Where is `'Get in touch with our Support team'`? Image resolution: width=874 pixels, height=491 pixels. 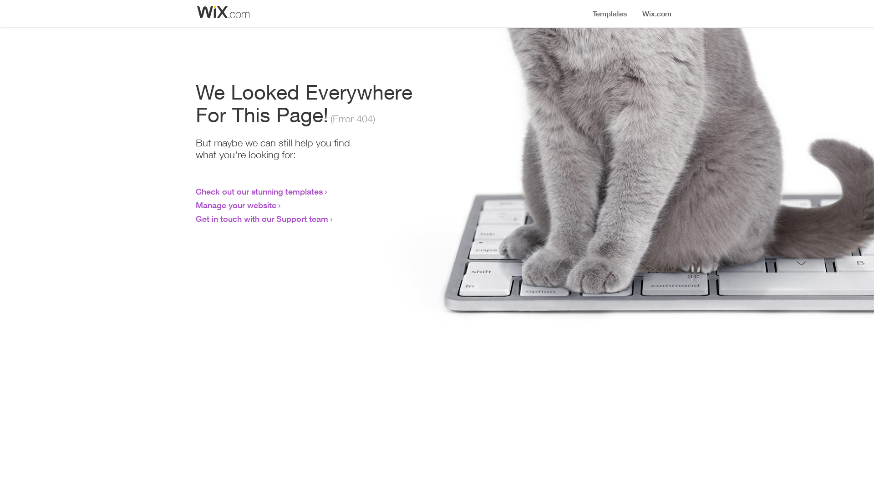
'Get in touch with our Support team' is located at coordinates (195, 219).